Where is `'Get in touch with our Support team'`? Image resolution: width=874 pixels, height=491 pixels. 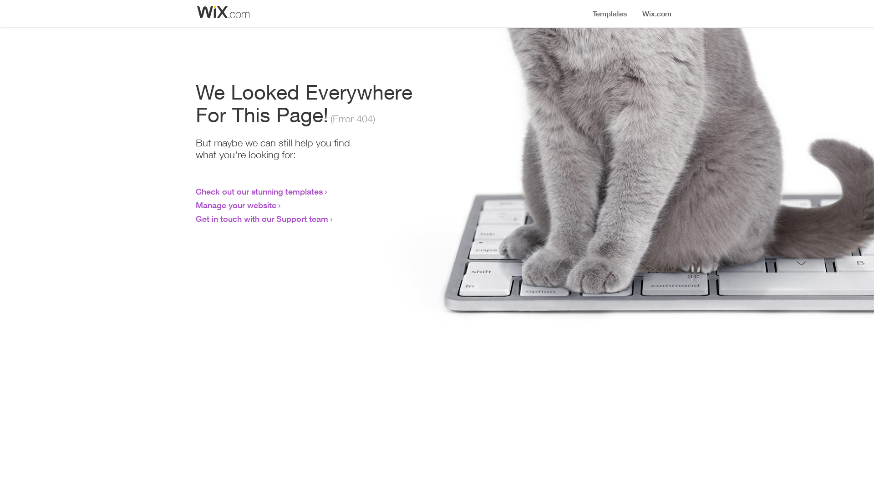
'Get in touch with our Support team' is located at coordinates (195, 219).